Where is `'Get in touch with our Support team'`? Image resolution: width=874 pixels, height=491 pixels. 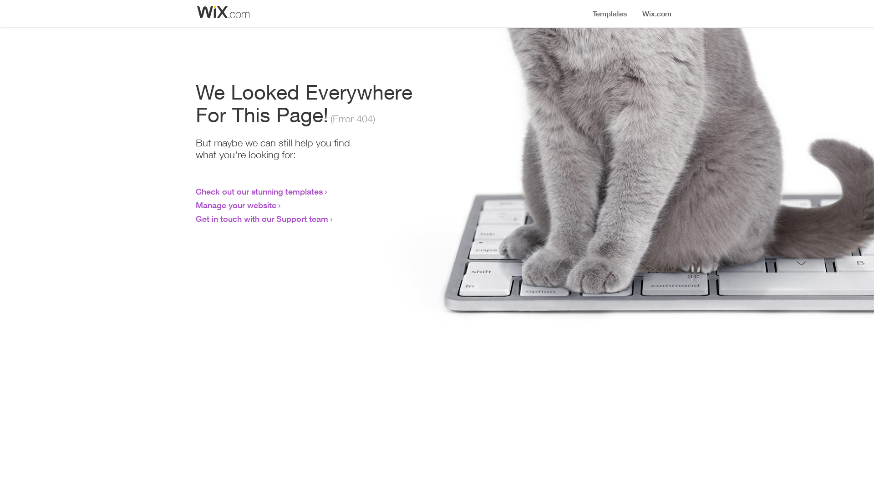
'Get in touch with our Support team' is located at coordinates (195, 219).